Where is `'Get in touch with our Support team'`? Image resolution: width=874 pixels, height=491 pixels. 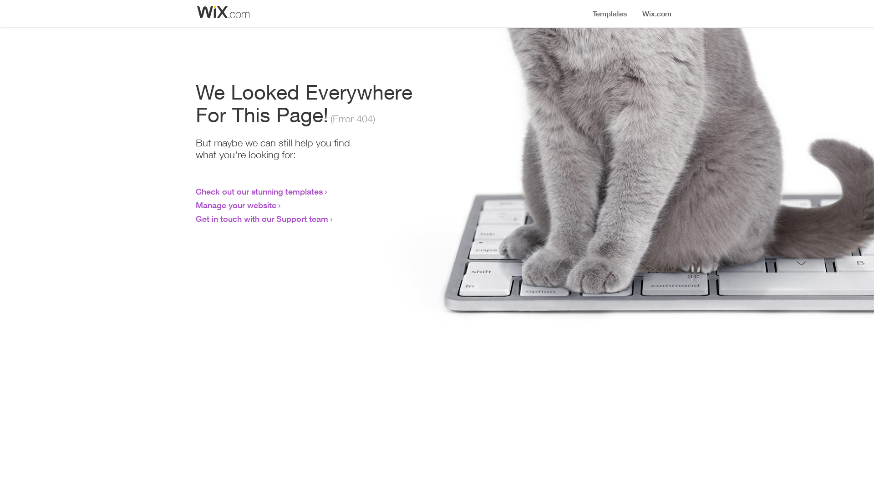
'Get in touch with our Support team' is located at coordinates (195, 219).